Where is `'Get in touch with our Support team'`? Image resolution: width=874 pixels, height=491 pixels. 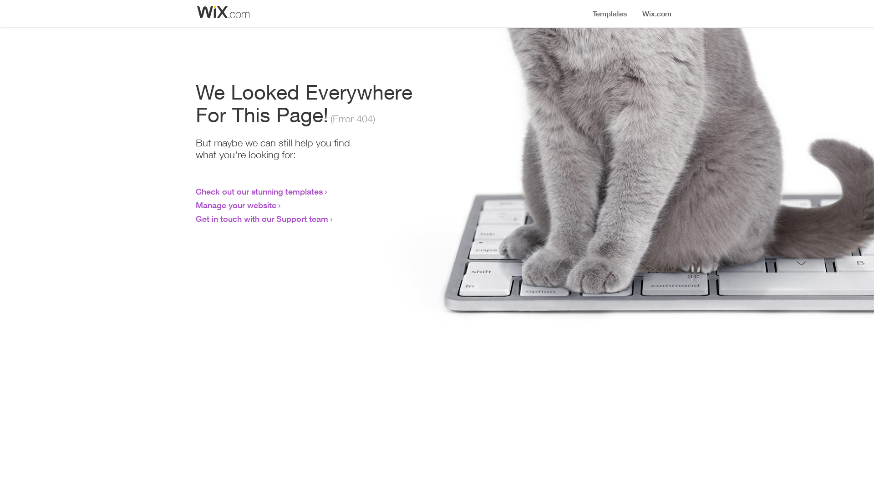
'Get in touch with our Support team' is located at coordinates (195, 219).